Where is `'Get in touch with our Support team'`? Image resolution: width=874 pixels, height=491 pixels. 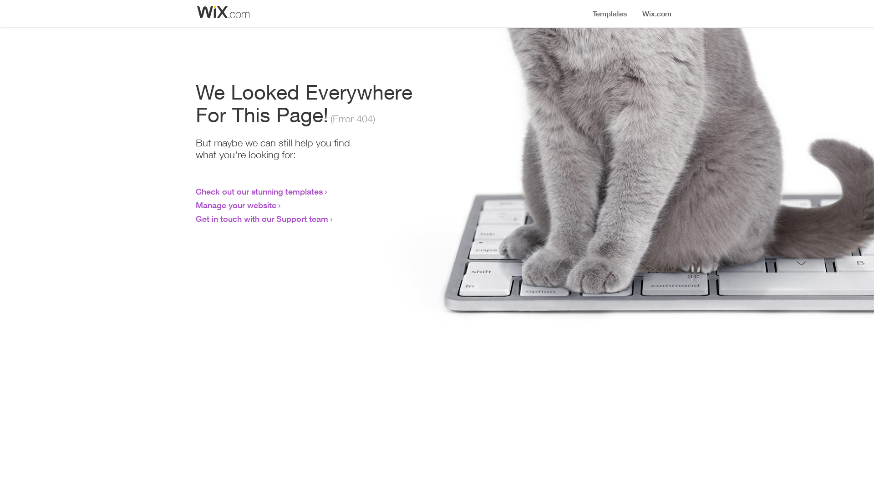
'Get in touch with our Support team' is located at coordinates (195, 219).